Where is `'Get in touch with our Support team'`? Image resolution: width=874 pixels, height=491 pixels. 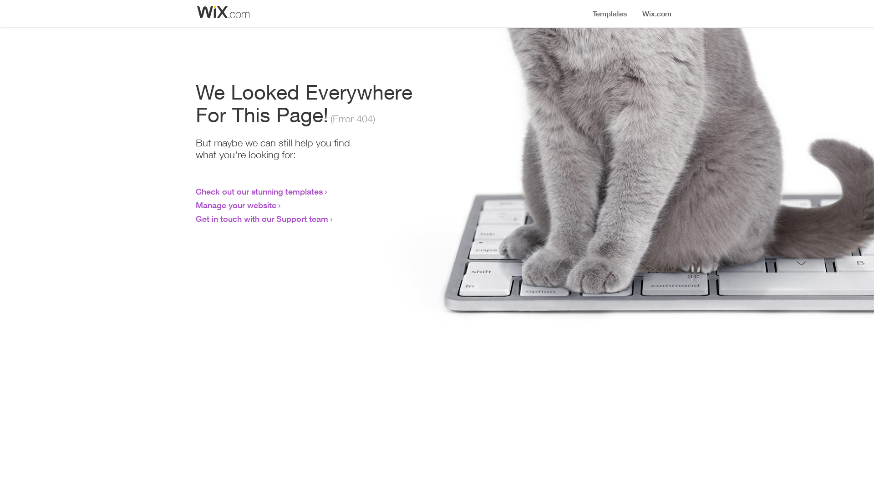
'Get in touch with our Support team' is located at coordinates (195, 219).